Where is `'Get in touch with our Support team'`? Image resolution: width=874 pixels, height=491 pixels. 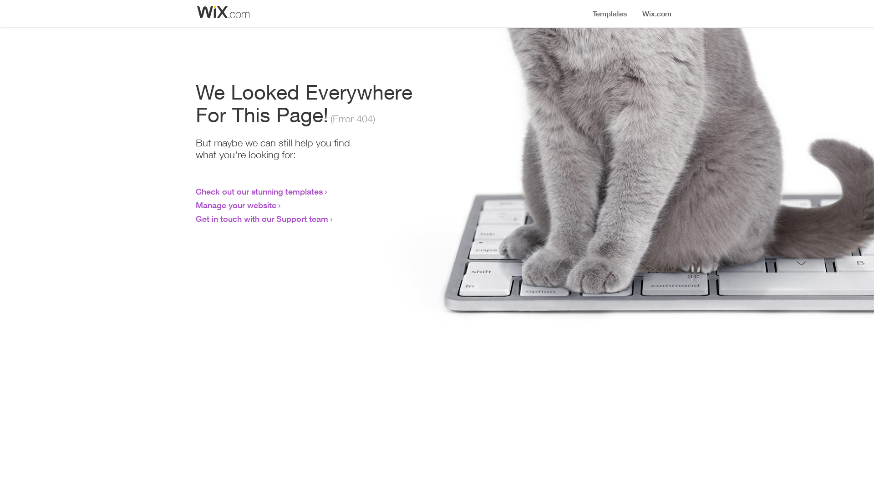
'Get in touch with our Support team' is located at coordinates (195, 219).